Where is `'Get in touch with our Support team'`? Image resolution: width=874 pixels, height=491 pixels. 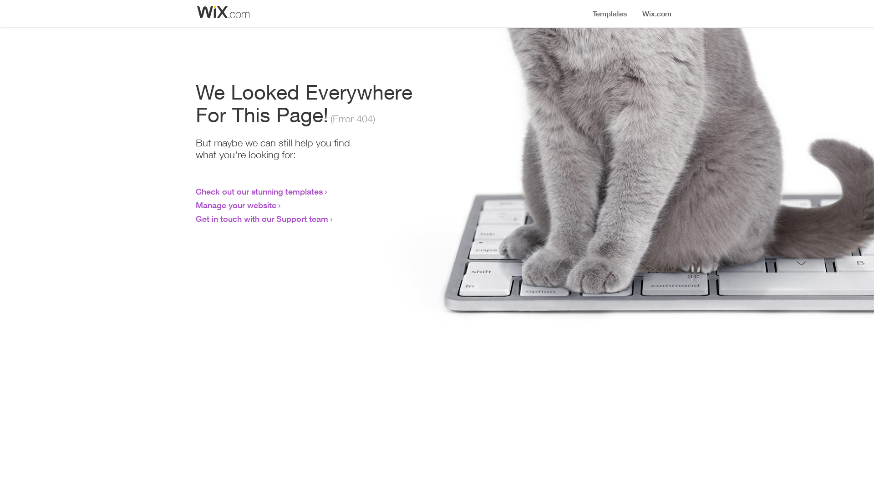
'Get in touch with our Support team' is located at coordinates (195, 219).